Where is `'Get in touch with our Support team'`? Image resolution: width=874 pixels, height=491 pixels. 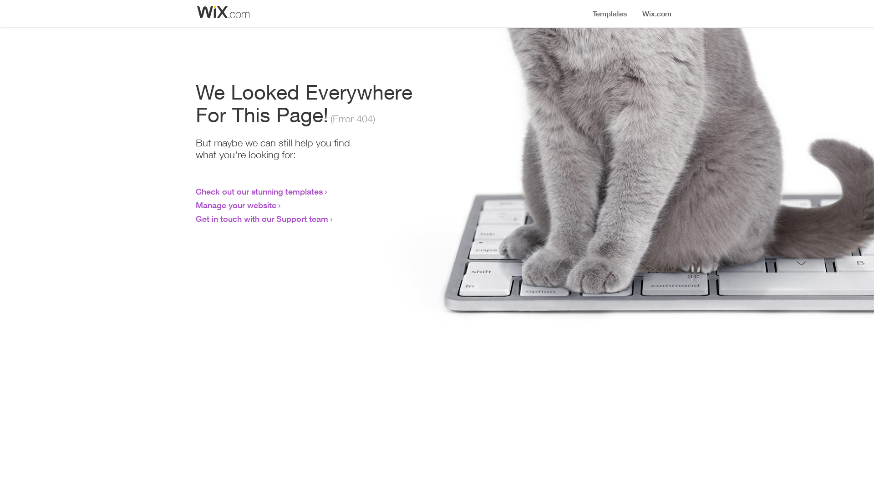
'Get in touch with our Support team' is located at coordinates (195, 219).